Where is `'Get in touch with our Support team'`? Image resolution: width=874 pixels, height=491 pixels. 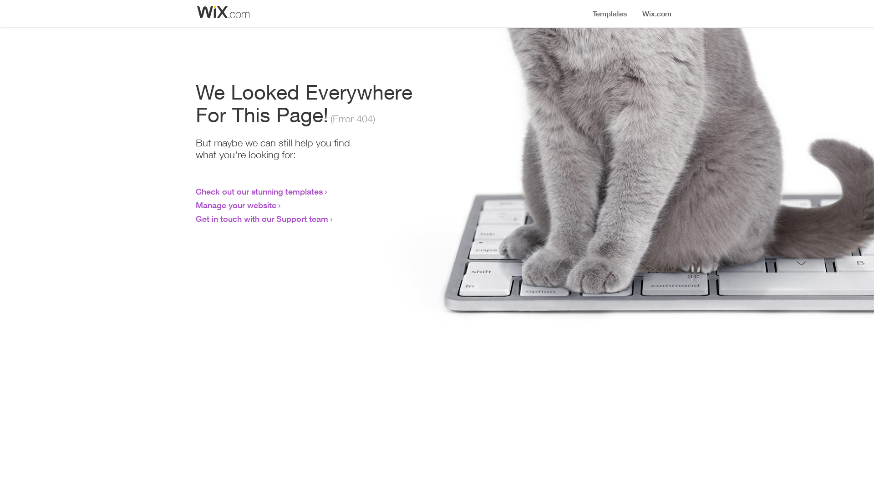
'Get in touch with our Support team' is located at coordinates (195, 219).